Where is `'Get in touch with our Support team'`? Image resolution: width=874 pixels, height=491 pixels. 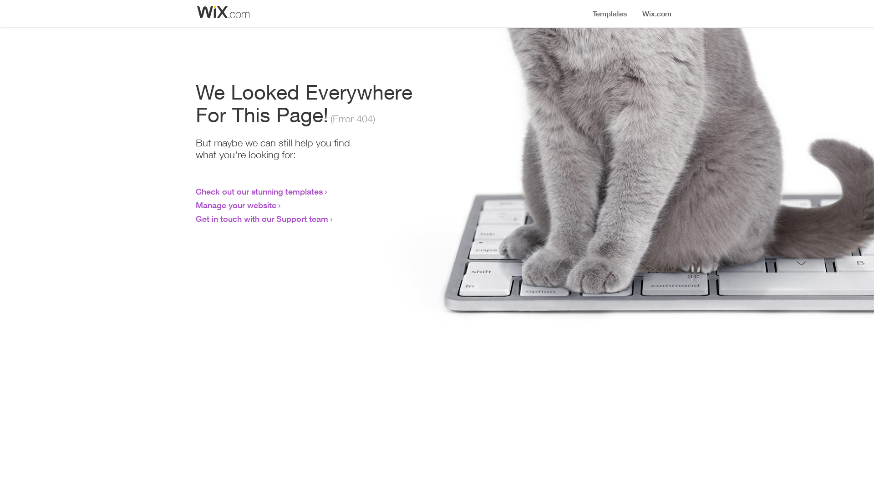
'Get in touch with our Support team' is located at coordinates (195, 219).